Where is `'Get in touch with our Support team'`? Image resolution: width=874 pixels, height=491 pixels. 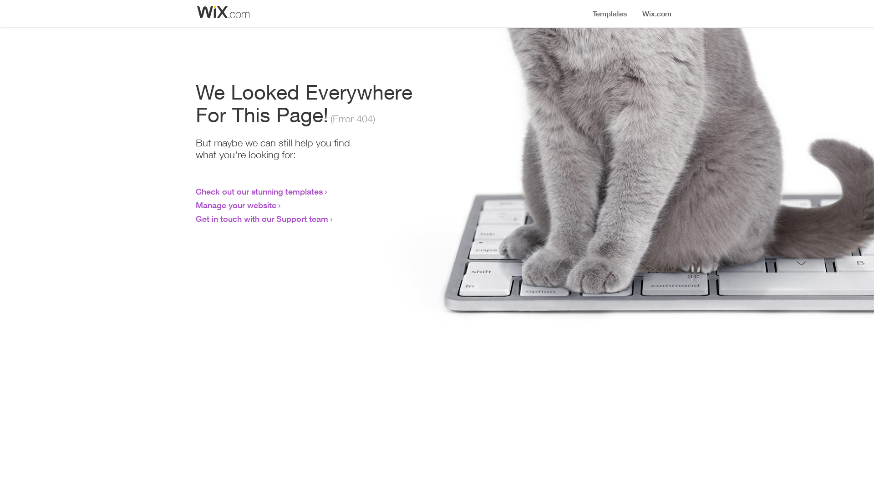
'Get in touch with our Support team' is located at coordinates (195, 219).